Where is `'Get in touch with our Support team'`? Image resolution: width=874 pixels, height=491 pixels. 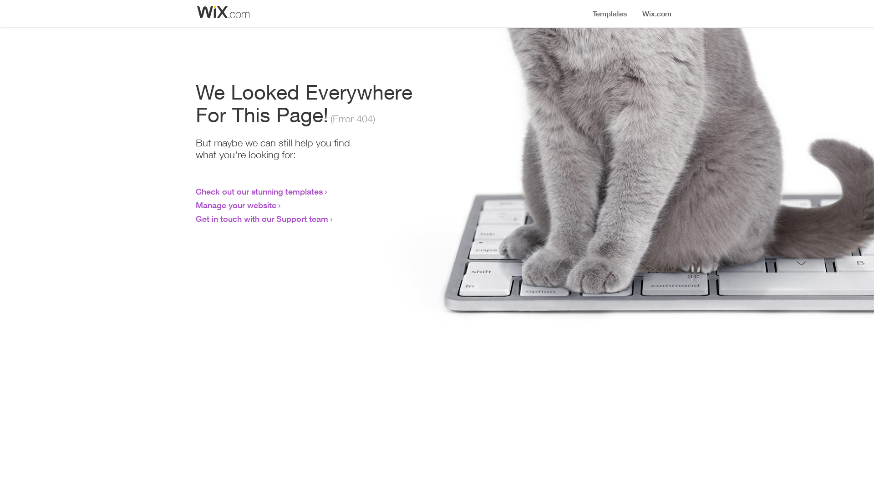
'Get in touch with our Support team' is located at coordinates (195, 219).